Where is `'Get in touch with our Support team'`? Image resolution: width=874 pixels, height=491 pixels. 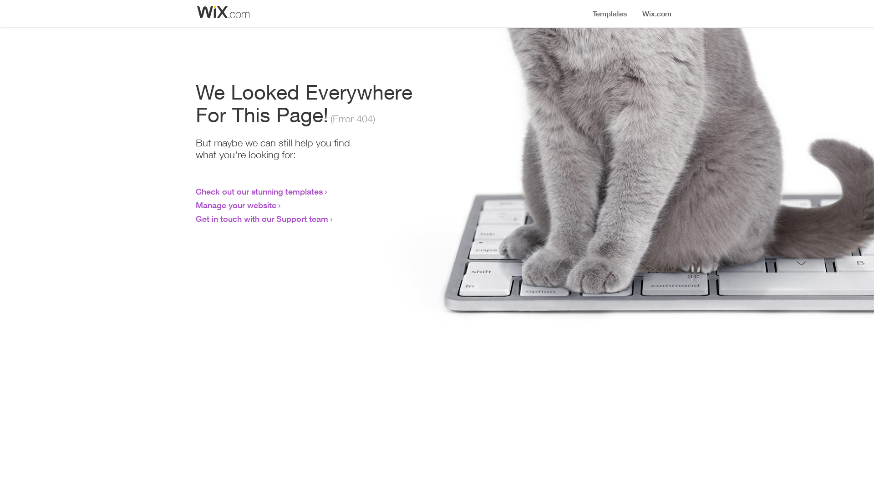
'Get in touch with our Support team' is located at coordinates (195, 219).